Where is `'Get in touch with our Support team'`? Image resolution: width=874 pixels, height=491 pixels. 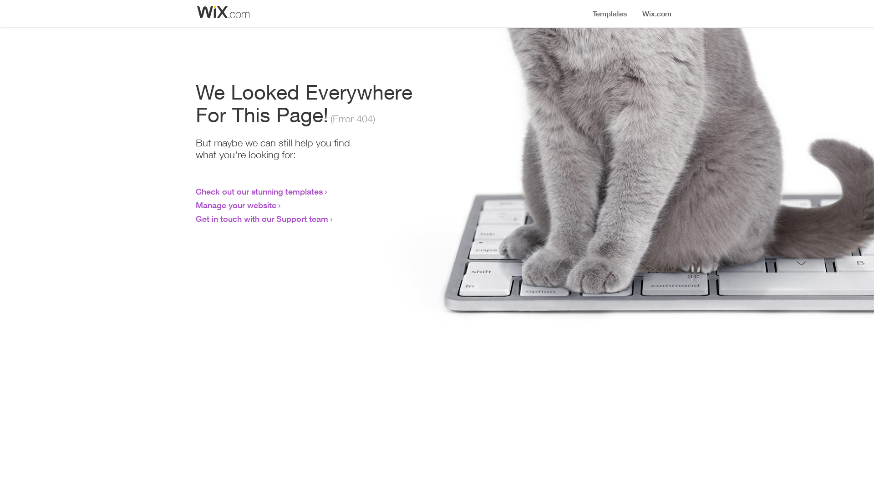
'Get in touch with our Support team' is located at coordinates (195, 219).